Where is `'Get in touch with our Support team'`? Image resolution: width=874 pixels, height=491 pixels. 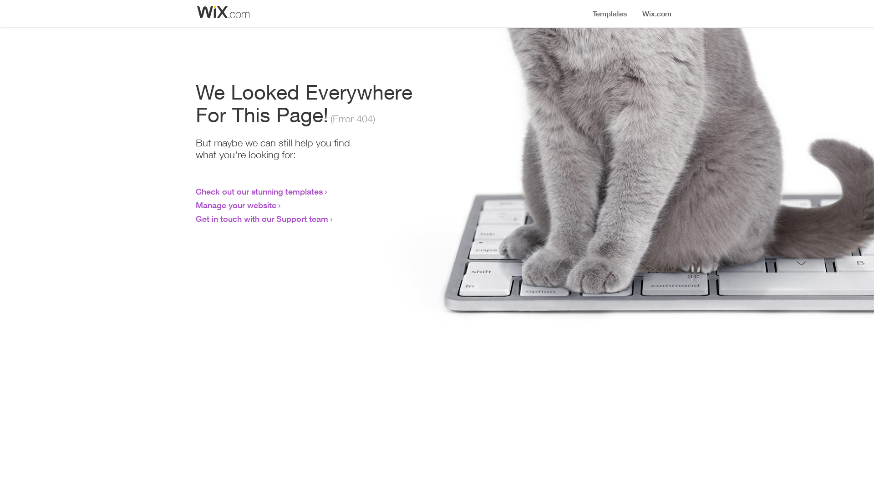
'Get in touch with our Support team' is located at coordinates (195, 219).